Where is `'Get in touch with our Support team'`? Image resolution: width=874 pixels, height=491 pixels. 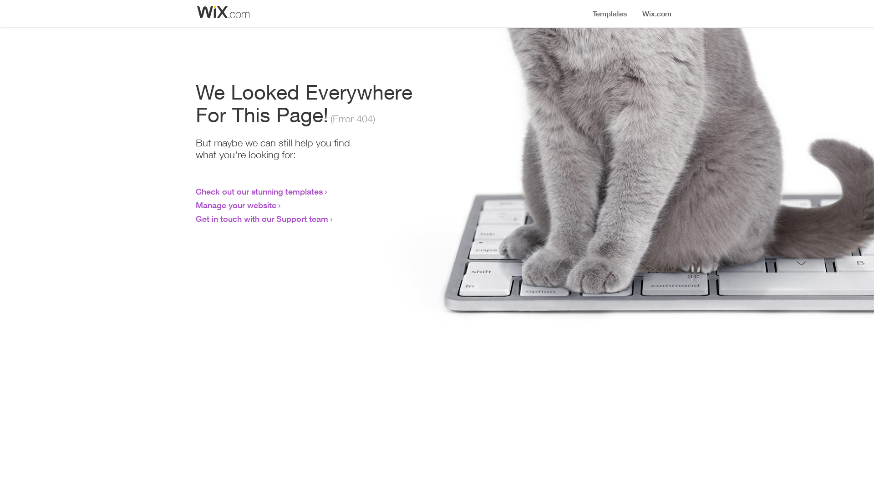
'Get in touch with our Support team' is located at coordinates (195, 219).